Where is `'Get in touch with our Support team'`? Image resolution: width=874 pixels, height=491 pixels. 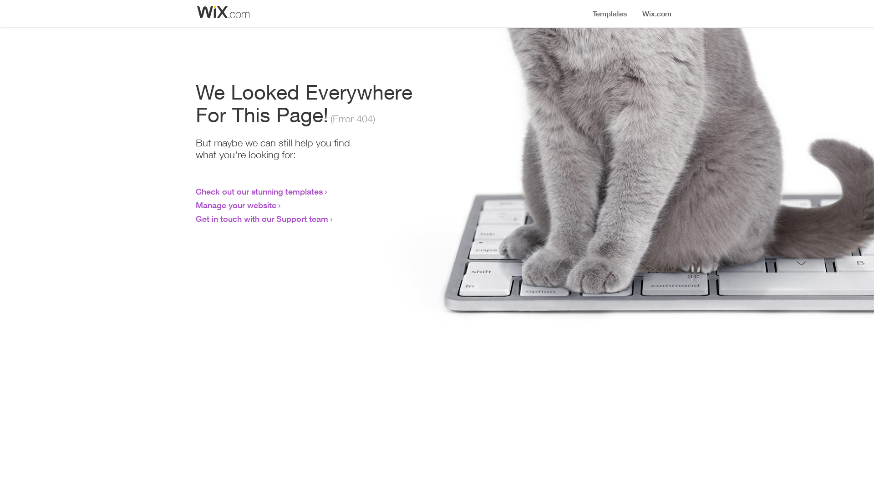
'Get in touch with our Support team' is located at coordinates (195, 219).